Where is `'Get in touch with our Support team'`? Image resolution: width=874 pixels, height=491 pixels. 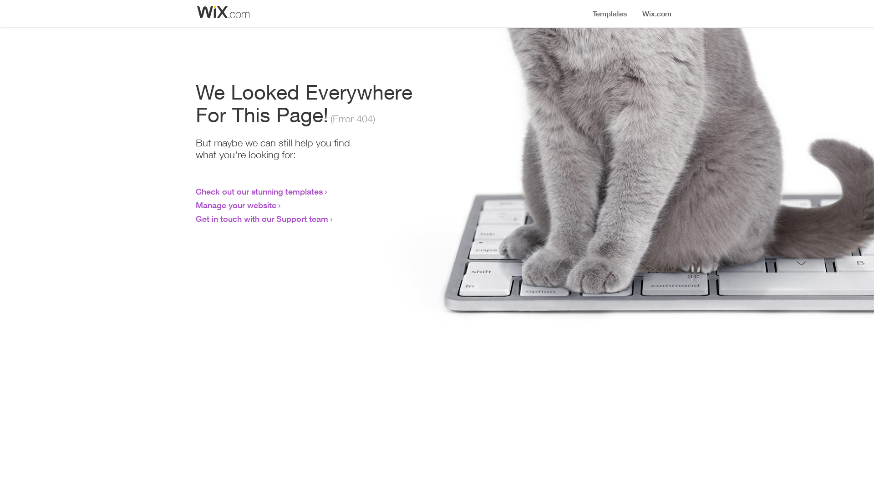
'Get in touch with our Support team' is located at coordinates (195, 219).